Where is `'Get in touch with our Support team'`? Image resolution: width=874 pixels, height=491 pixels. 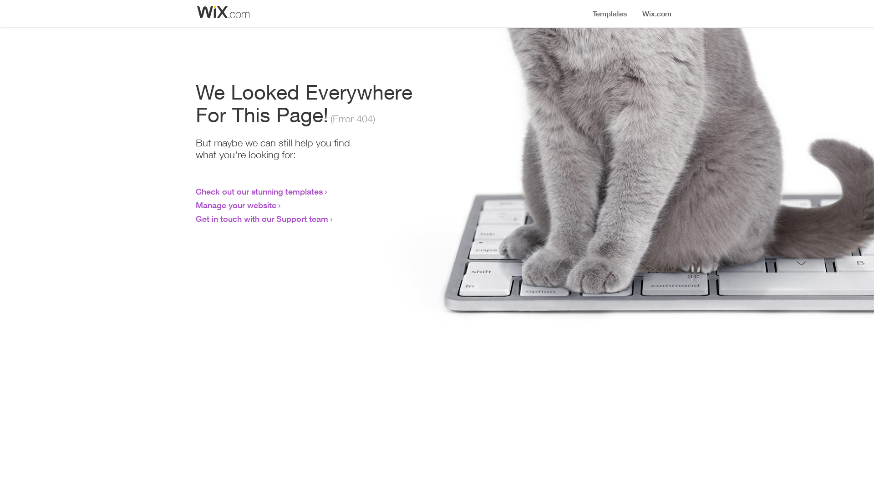
'Get in touch with our Support team' is located at coordinates (195, 219).